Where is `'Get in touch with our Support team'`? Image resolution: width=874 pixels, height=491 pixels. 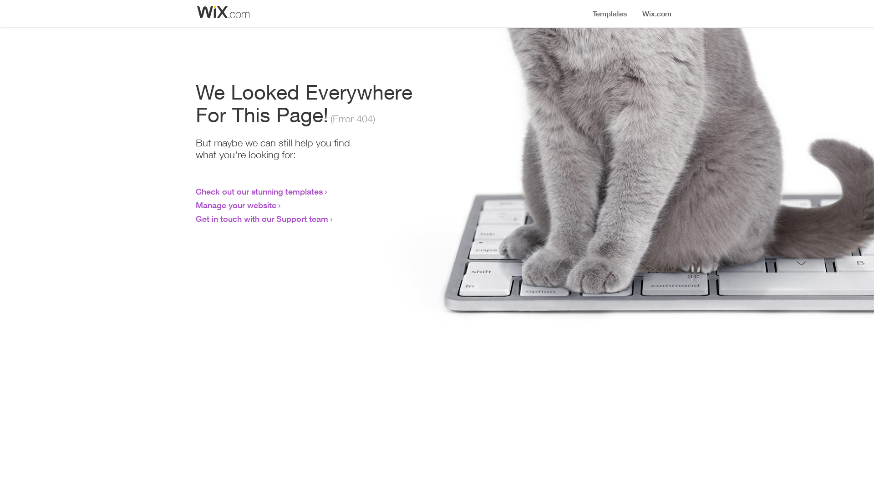
'Get in touch with our Support team' is located at coordinates (195, 219).